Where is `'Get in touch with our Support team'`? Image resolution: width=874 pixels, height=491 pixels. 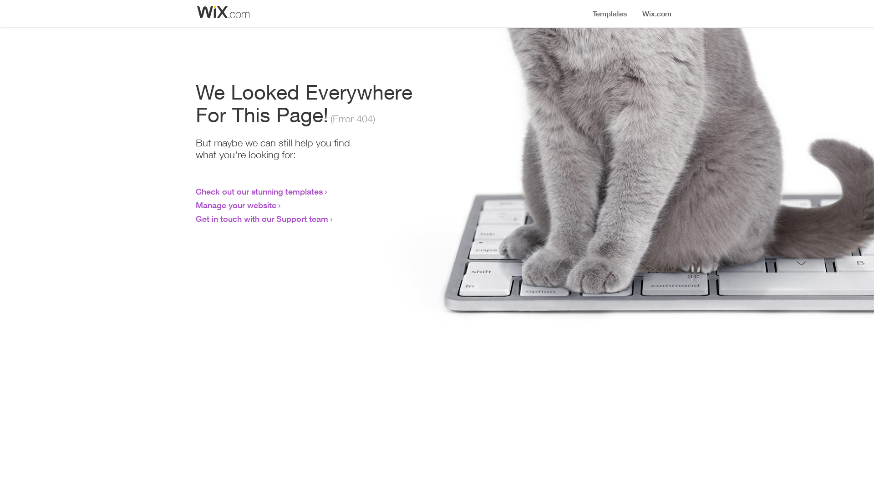
'Get in touch with our Support team' is located at coordinates (195, 219).